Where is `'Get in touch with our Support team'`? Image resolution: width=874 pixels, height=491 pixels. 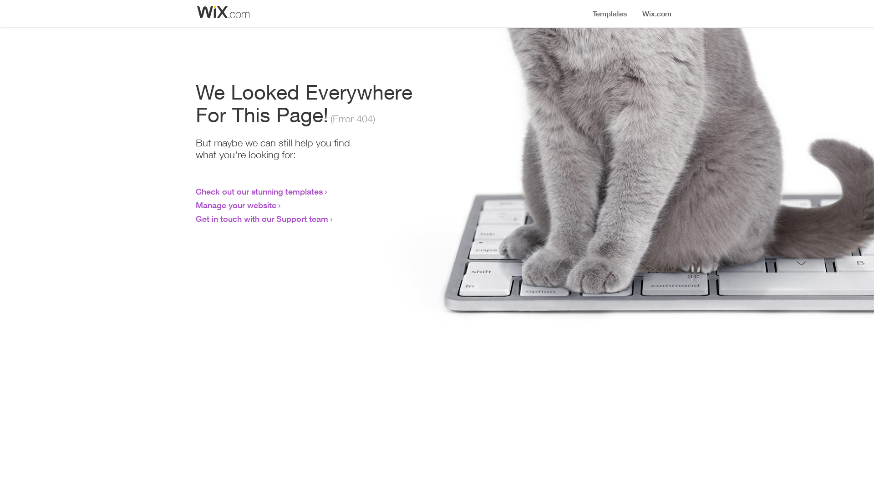
'Get in touch with our Support team' is located at coordinates (195, 219).